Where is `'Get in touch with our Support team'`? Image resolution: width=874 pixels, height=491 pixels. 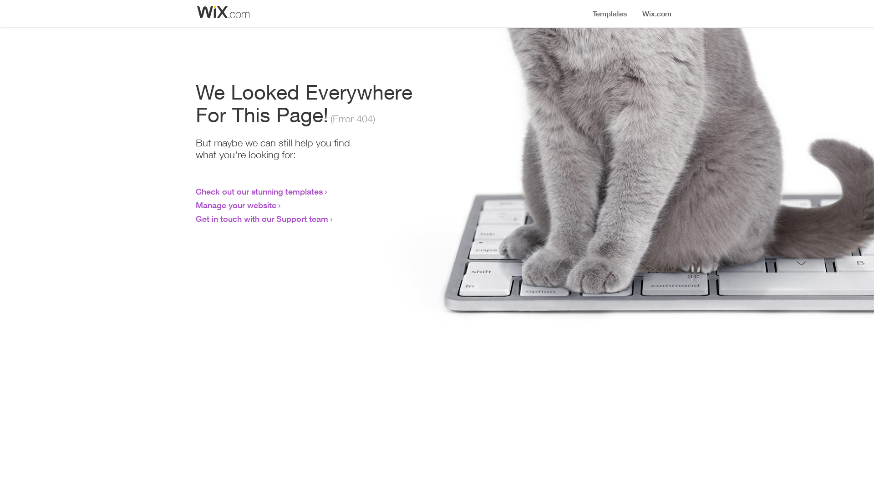
'Get in touch with our Support team' is located at coordinates (195, 219).